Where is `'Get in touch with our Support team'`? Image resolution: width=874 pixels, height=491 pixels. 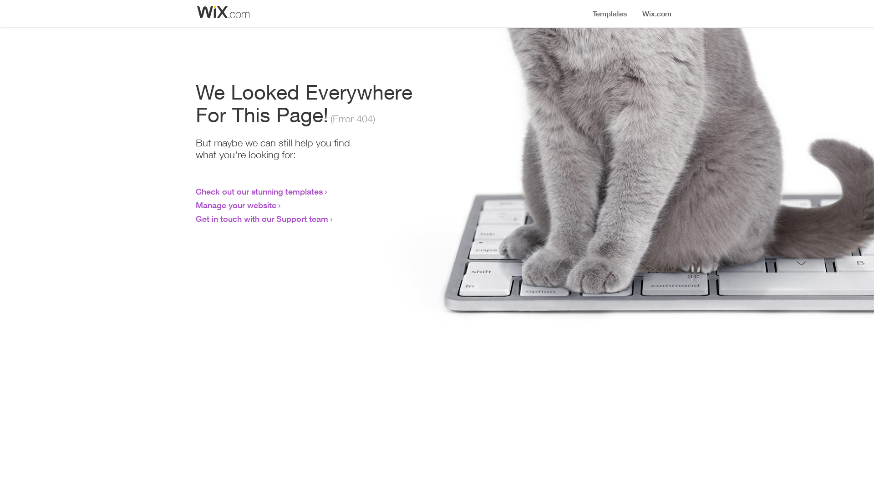
'Get in touch with our Support team' is located at coordinates (195, 219).